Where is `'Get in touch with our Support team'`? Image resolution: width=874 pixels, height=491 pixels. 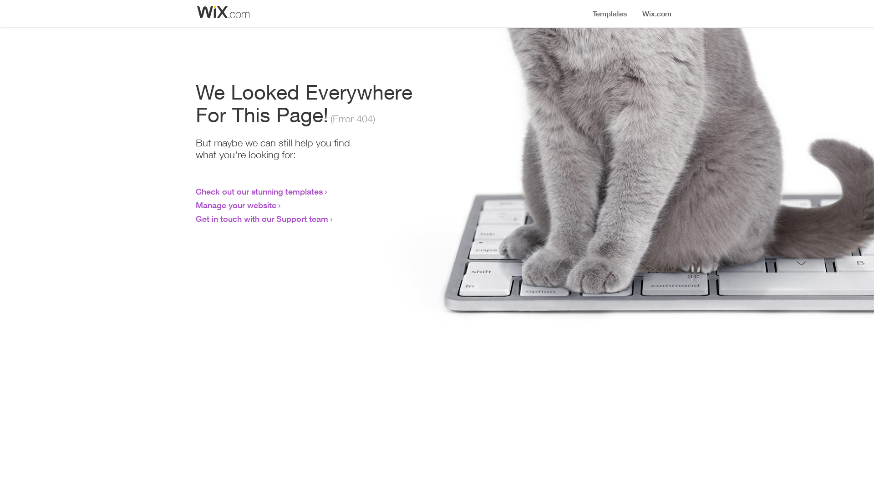
'Get in touch with our Support team' is located at coordinates (195, 219).